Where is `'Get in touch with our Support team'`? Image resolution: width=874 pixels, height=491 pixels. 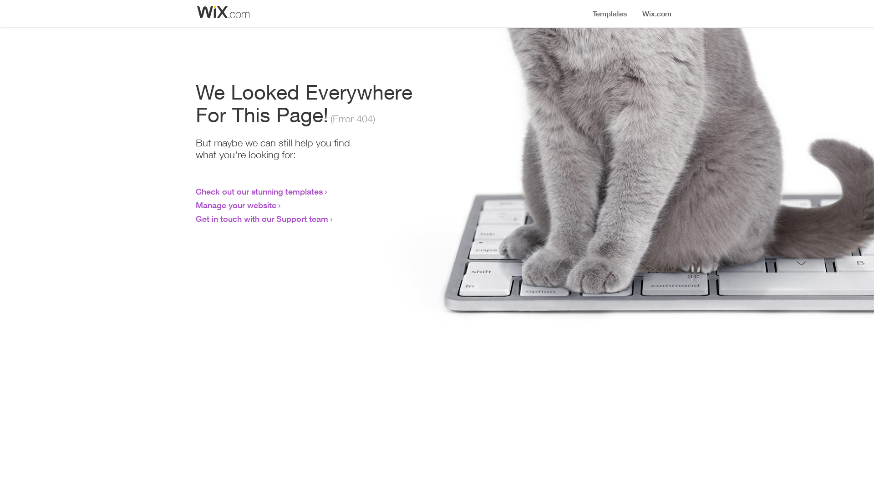
'Get in touch with our Support team' is located at coordinates (195, 219).